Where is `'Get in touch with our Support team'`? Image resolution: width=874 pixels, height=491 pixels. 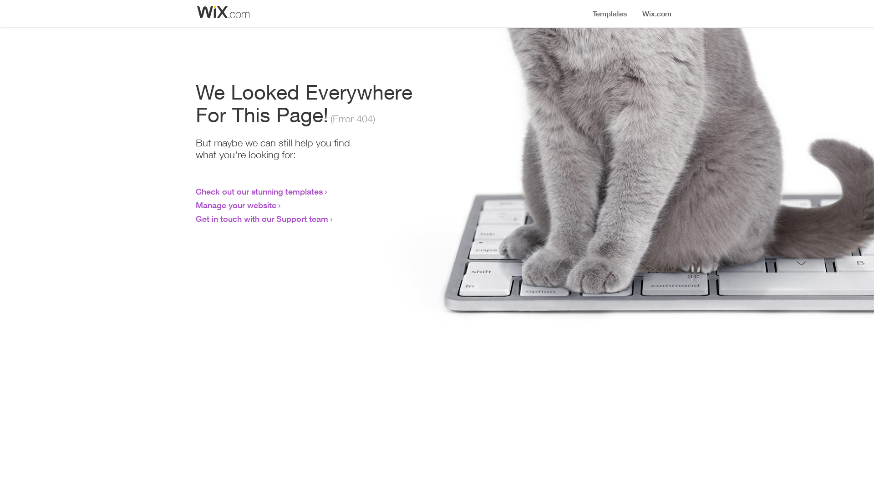
'Get in touch with our Support team' is located at coordinates (195, 219).